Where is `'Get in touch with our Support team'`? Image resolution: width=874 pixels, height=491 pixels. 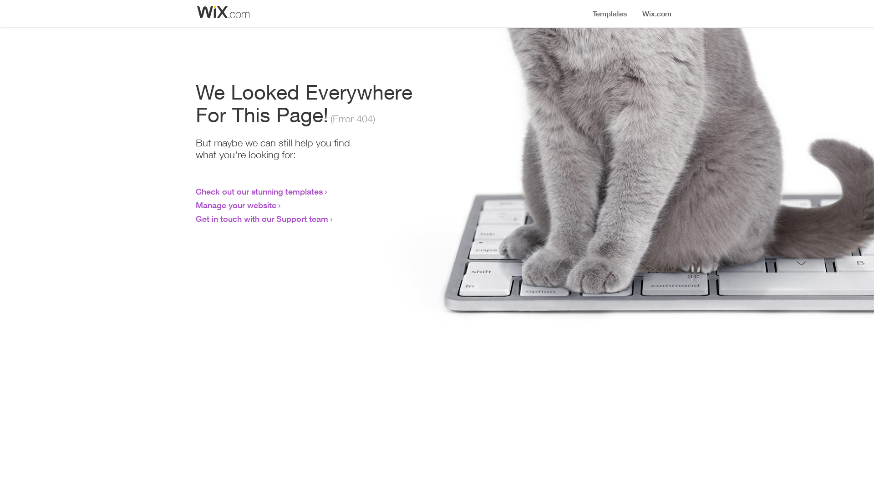
'Get in touch with our Support team' is located at coordinates (195, 219).